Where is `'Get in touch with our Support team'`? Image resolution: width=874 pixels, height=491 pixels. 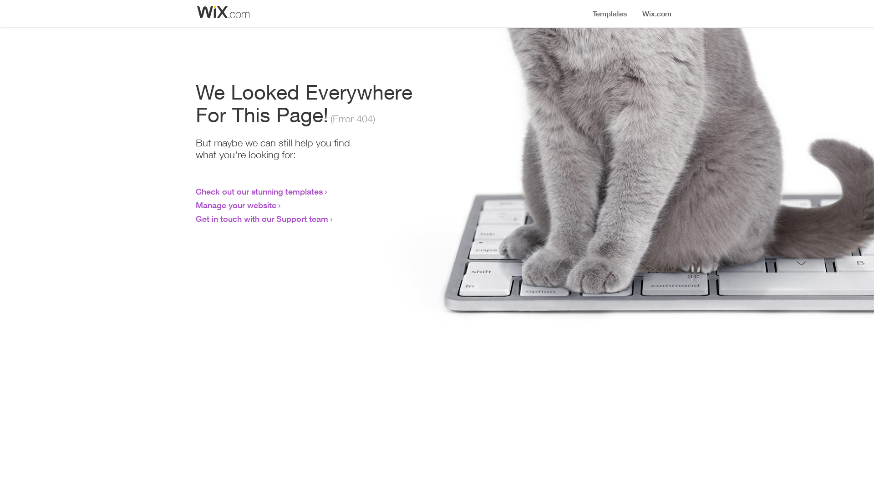
'Get in touch with our Support team' is located at coordinates (195, 219).